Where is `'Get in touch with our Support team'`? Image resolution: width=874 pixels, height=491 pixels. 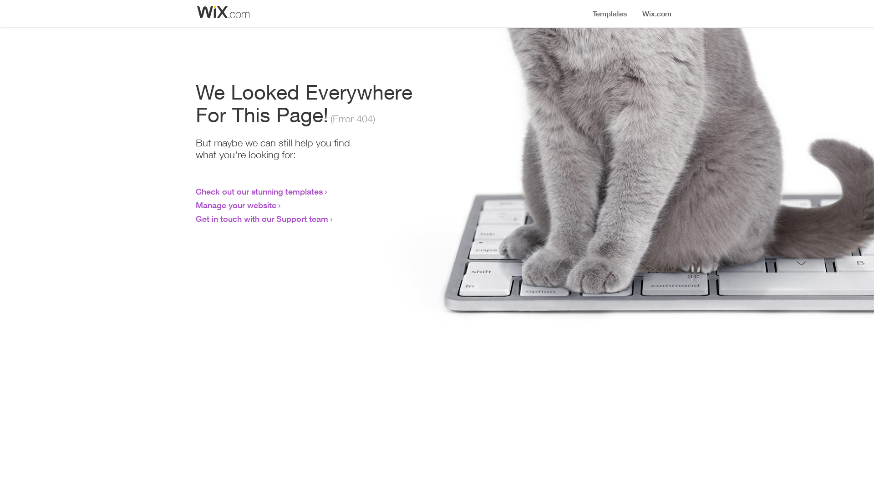
'Get in touch with our Support team' is located at coordinates (195, 219).